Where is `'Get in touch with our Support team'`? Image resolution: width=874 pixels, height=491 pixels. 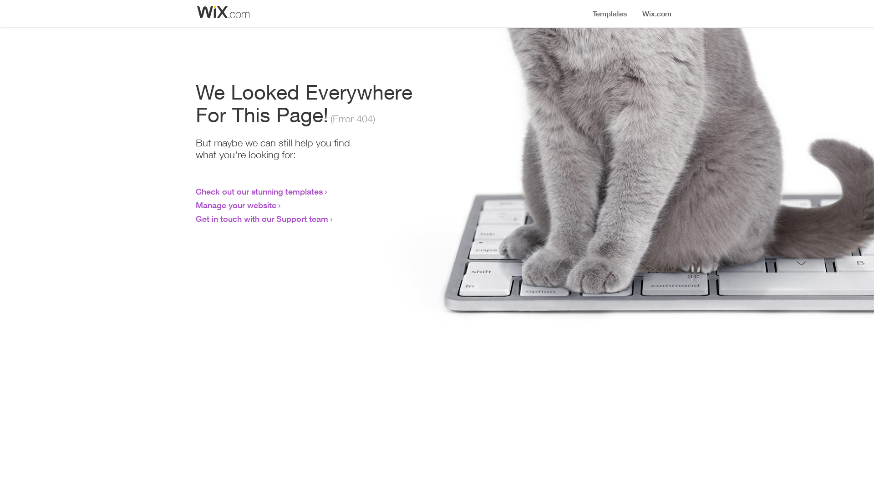
'Get in touch with our Support team' is located at coordinates (195, 219).